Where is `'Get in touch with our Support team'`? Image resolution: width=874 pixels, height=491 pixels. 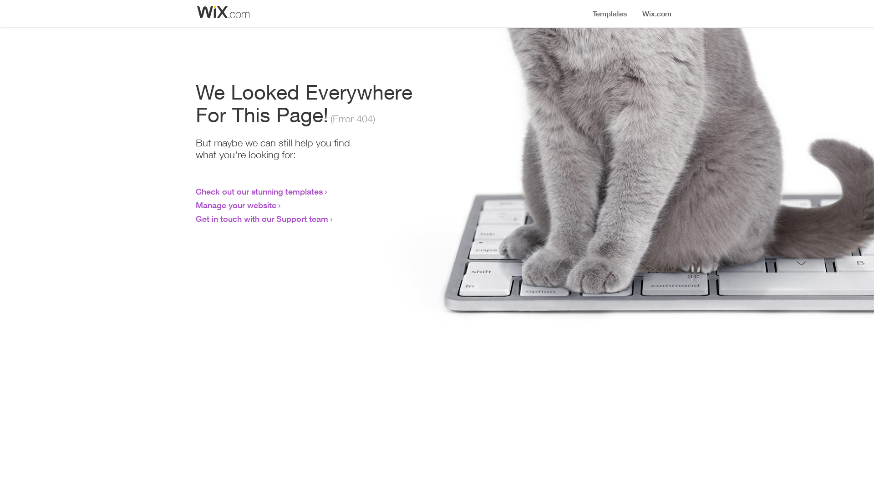
'Get in touch with our Support team' is located at coordinates (195, 219).